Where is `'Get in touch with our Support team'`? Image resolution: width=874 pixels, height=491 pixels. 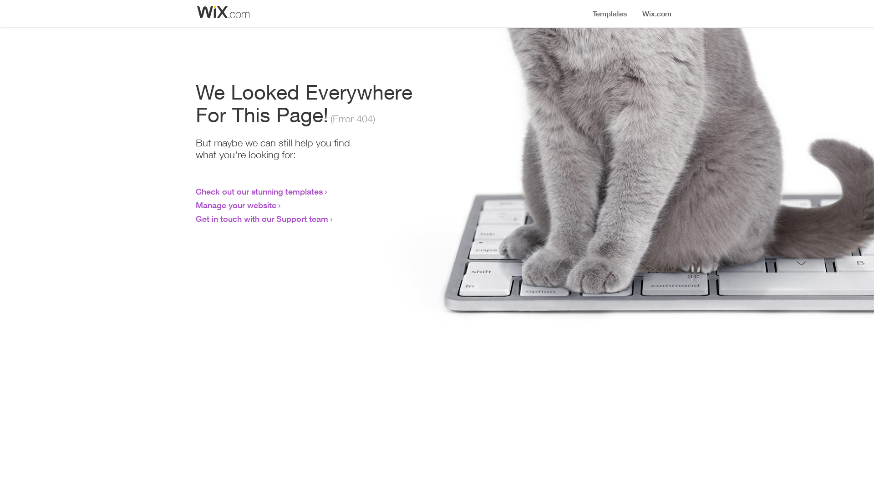
'Get in touch with our Support team' is located at coordinates (195, 219).